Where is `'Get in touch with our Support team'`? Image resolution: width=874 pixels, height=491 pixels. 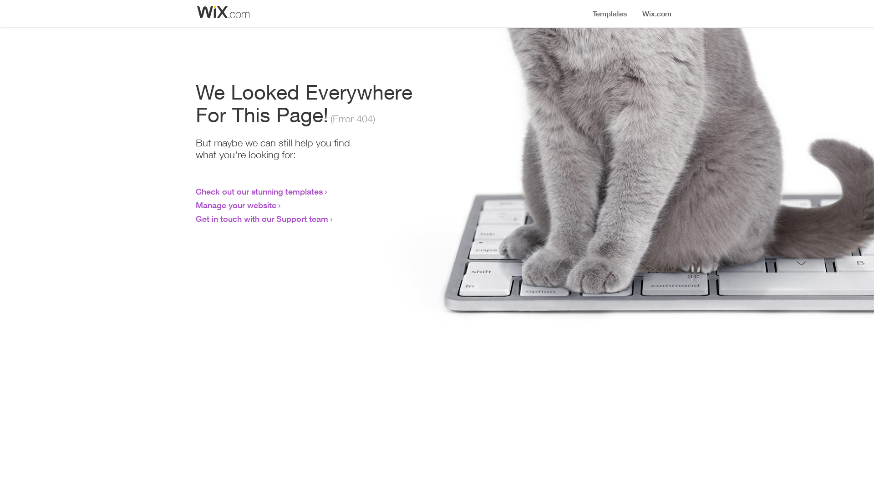
'Get in touch with our Support team' is located at coordinates (195, 219).